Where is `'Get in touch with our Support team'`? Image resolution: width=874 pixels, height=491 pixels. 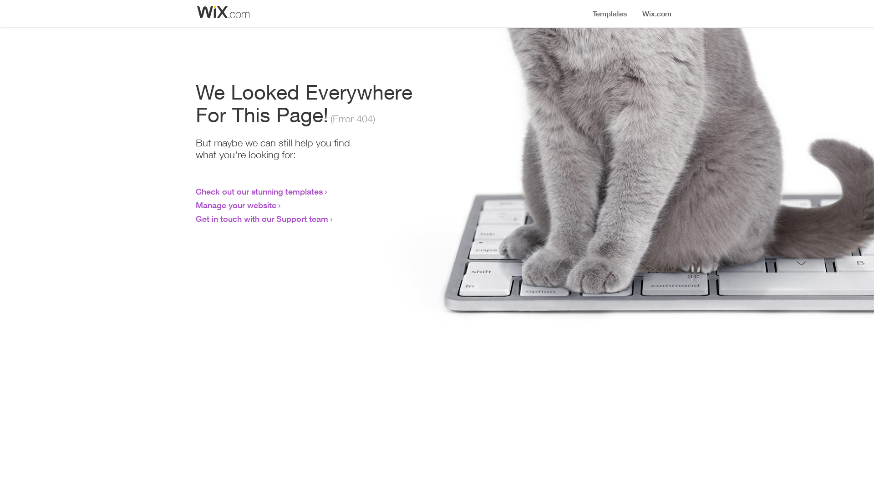
'Get in touch with our Support team' is located at coordinates (195, 219).